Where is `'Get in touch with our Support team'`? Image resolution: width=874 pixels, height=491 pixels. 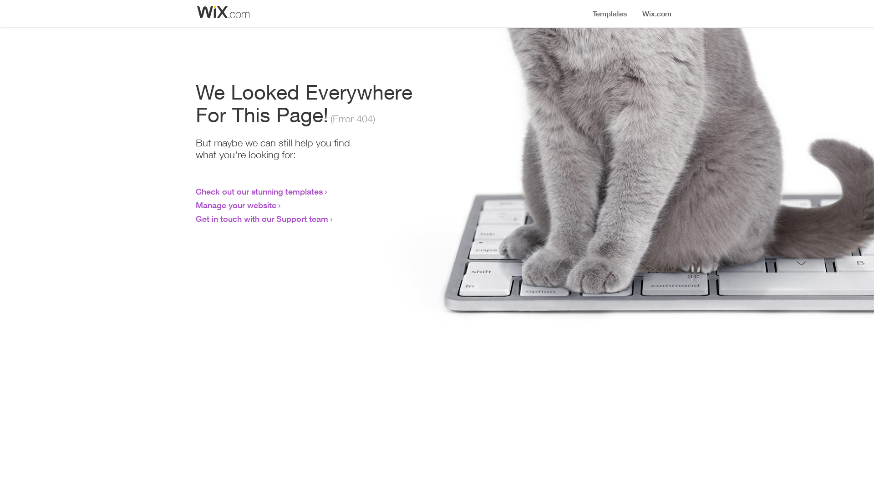
'Get in touch with our Support team' is located at coordinates (195, 219).